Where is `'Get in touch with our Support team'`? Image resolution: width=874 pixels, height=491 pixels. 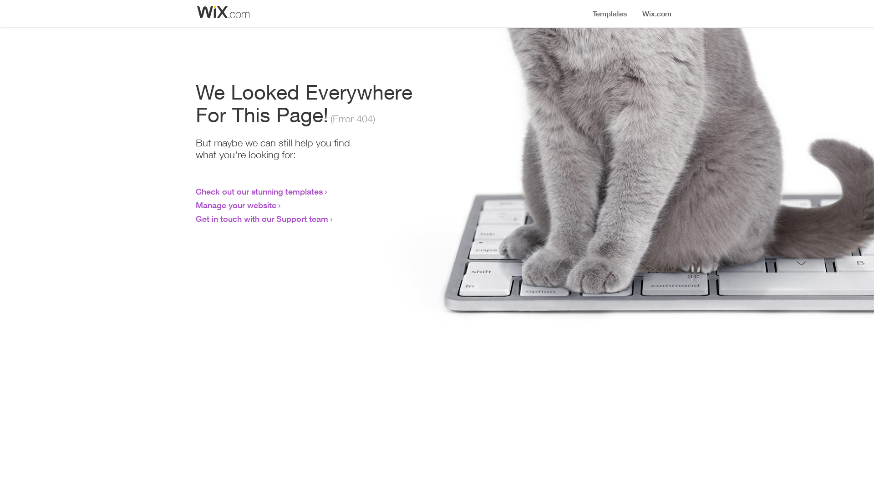
'Get in touch with our Support team' is located at coordinates (195, 219).